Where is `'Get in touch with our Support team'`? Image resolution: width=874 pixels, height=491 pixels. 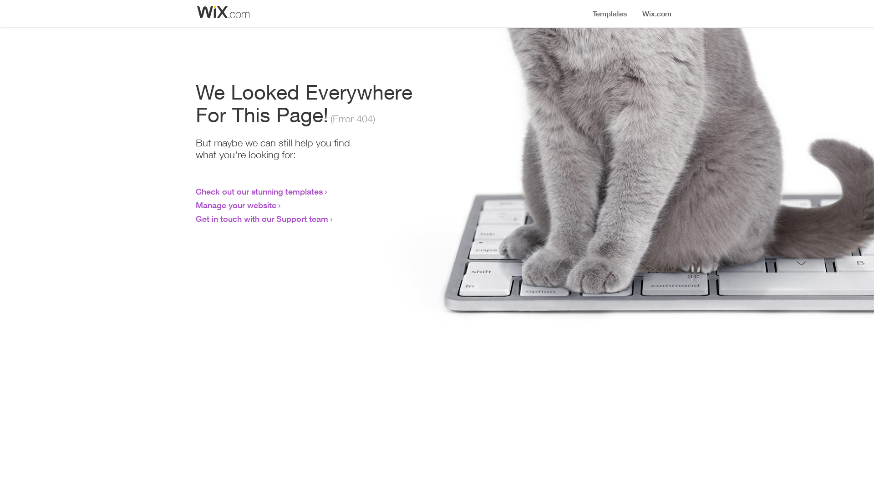
'Get in touch with our Support team' is located at coordinates (195, 219).